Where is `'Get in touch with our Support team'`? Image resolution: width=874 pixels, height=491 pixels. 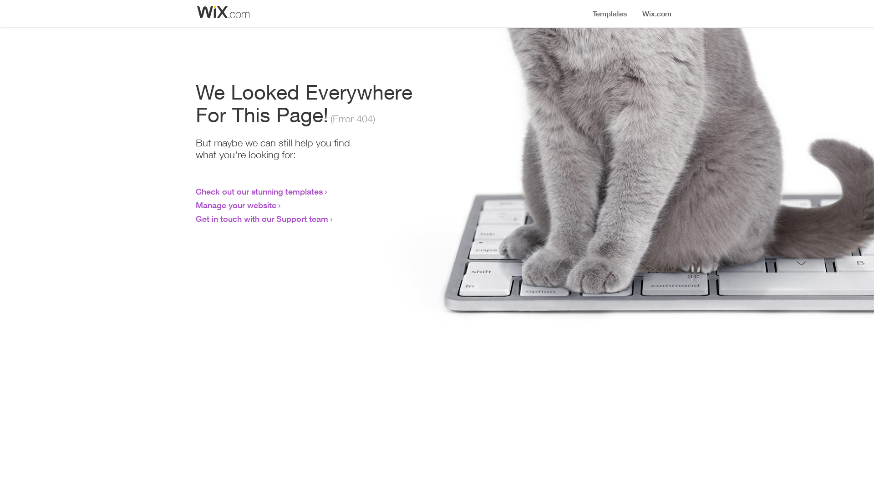
'Get in touch with our Support team' is located at coordinates (195, 219).